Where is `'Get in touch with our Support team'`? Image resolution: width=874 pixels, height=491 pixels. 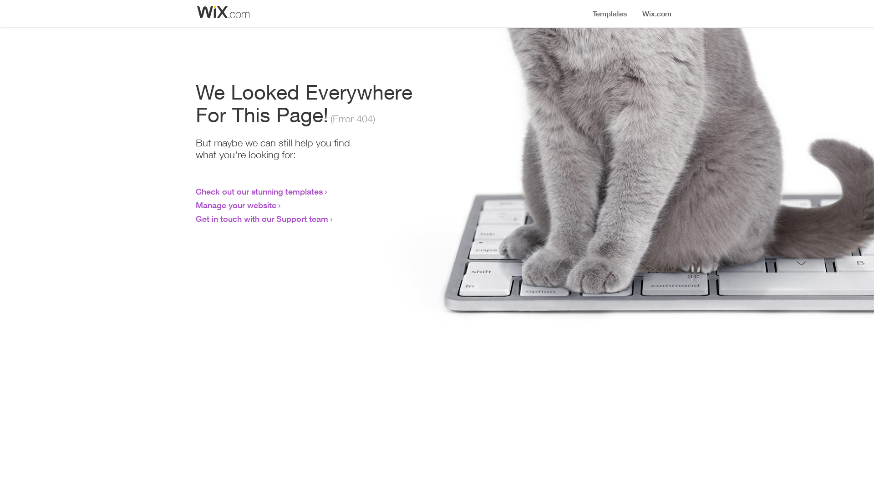
'Get in touch with our Support team' is located at coordinates (195, 219).